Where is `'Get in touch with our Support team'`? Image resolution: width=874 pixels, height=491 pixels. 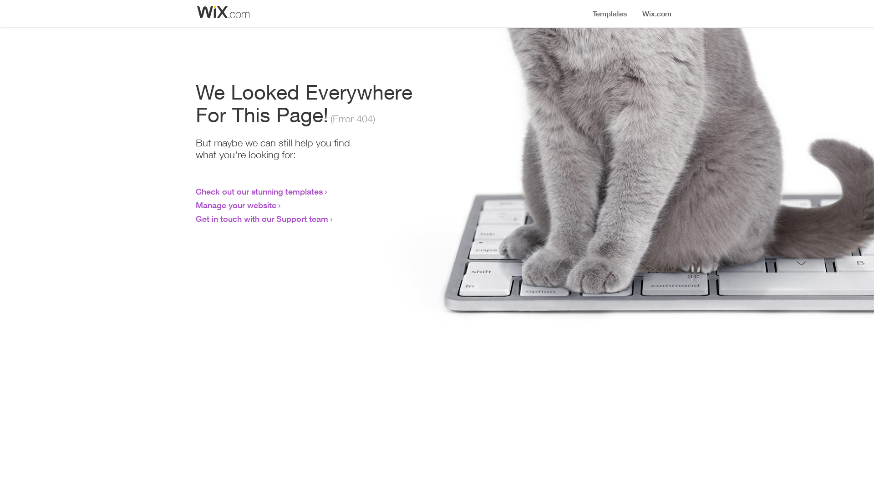
'Get in touch with our Support team' is located at coordinates (195, 219).